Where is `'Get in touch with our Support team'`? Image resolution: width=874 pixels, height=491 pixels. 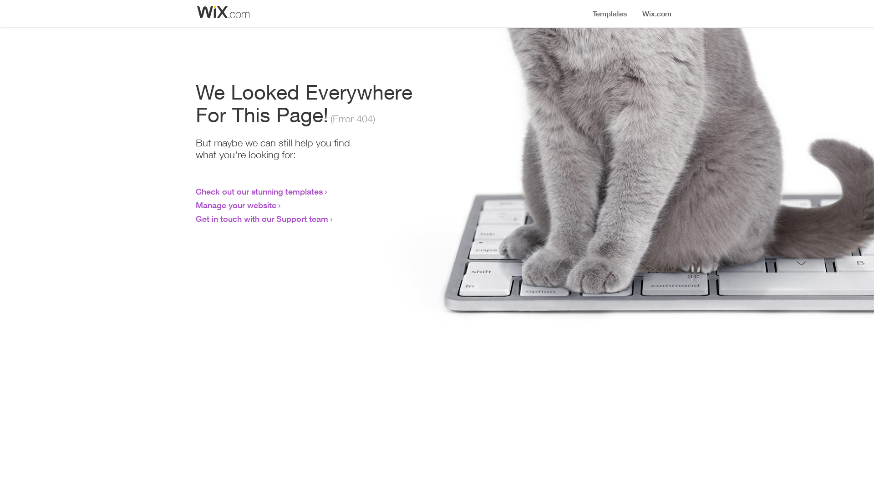
'Get in touch with our Support team' is located at coordinates (195, 219).